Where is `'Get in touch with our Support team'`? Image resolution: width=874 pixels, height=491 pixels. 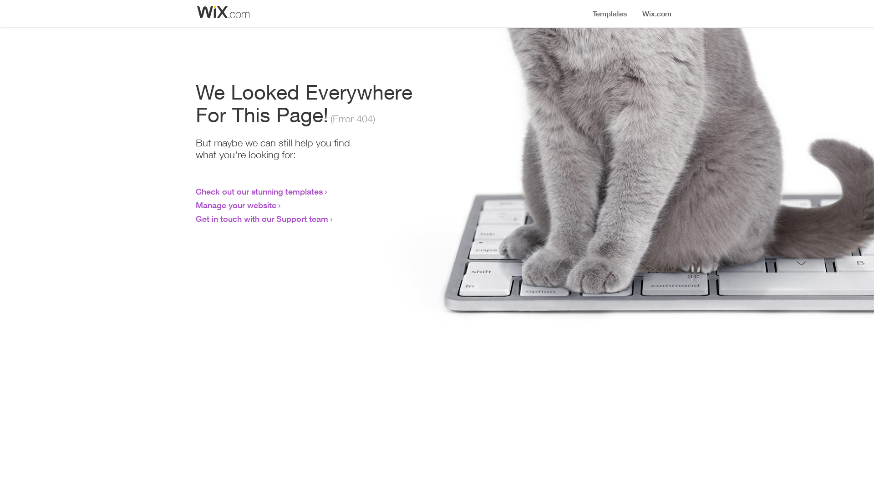
'Get in touch with our Support team' is located at coordinates (195, 219).